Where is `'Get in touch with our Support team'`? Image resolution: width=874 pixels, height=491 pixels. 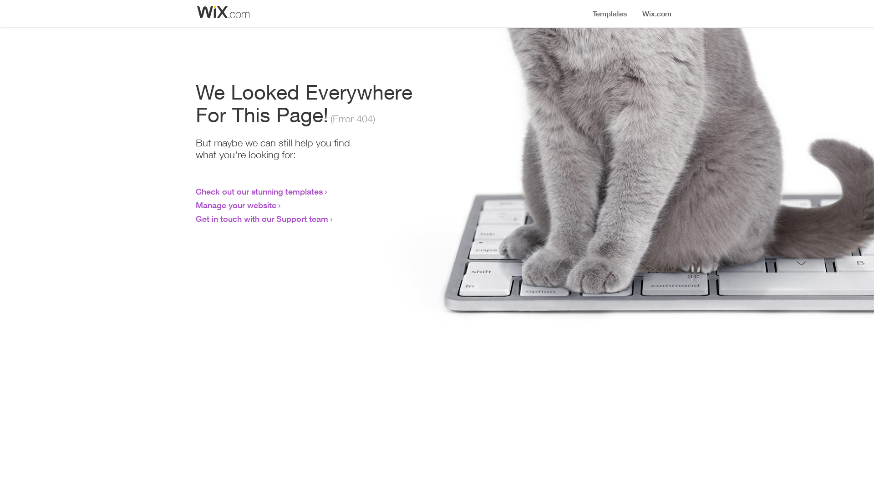
'Get in touch with our Support team' is located at coordinates (195, 219).